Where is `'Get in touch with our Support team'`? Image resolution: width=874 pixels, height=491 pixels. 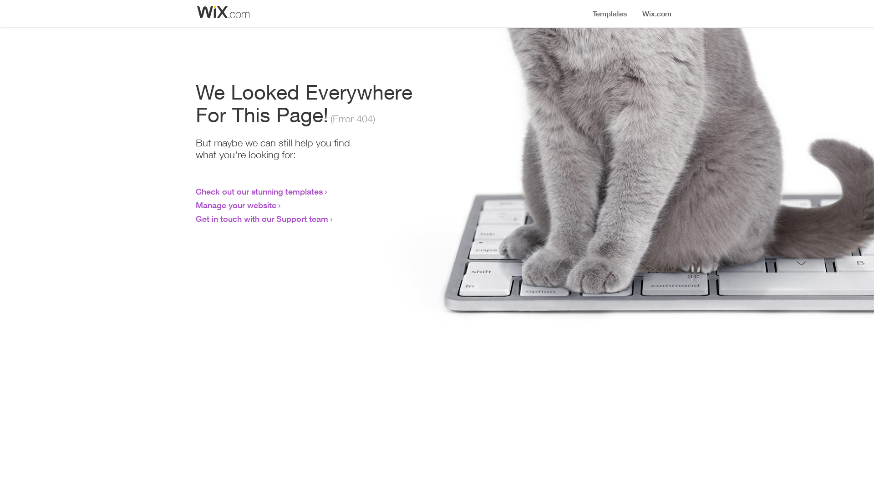
'Get in touch with our Support team' is located at coordinates (195, 219).